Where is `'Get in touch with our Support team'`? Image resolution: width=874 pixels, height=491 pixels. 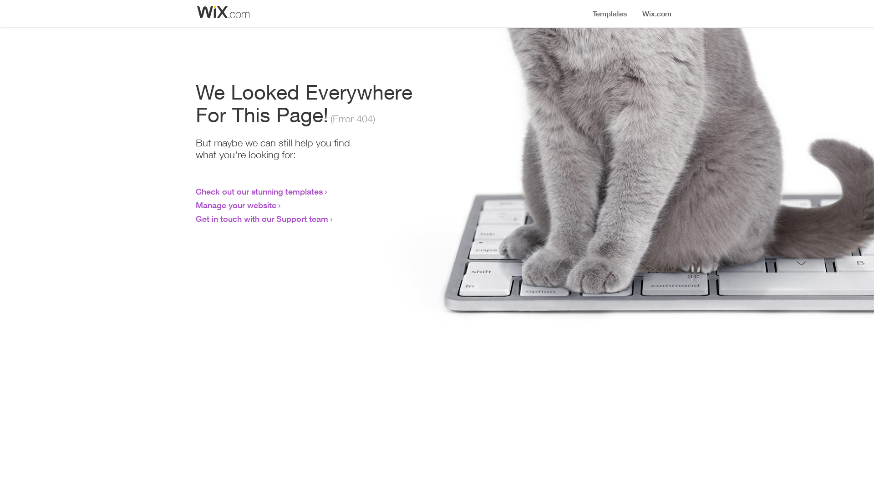
'Get in touch with our Support team' is located at coordinates (195, 219).